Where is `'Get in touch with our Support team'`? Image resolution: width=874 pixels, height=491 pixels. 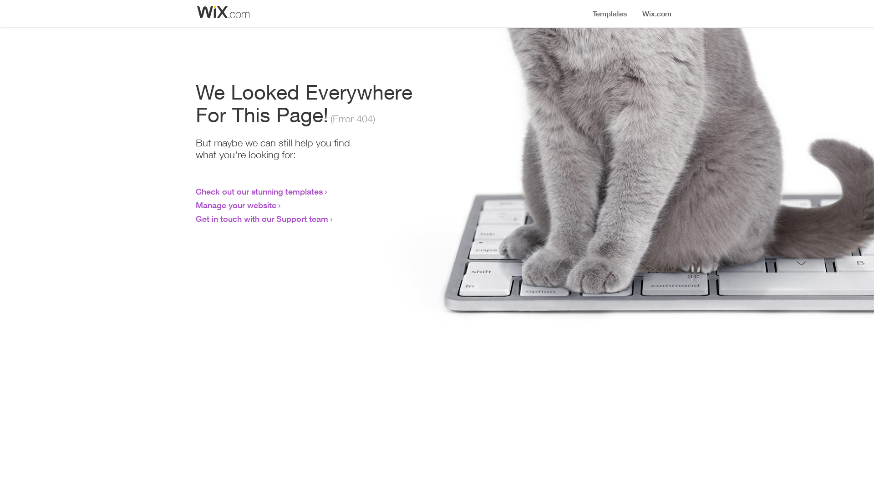
'Get in touch with our Support team' is located at coordinates (195, 219).